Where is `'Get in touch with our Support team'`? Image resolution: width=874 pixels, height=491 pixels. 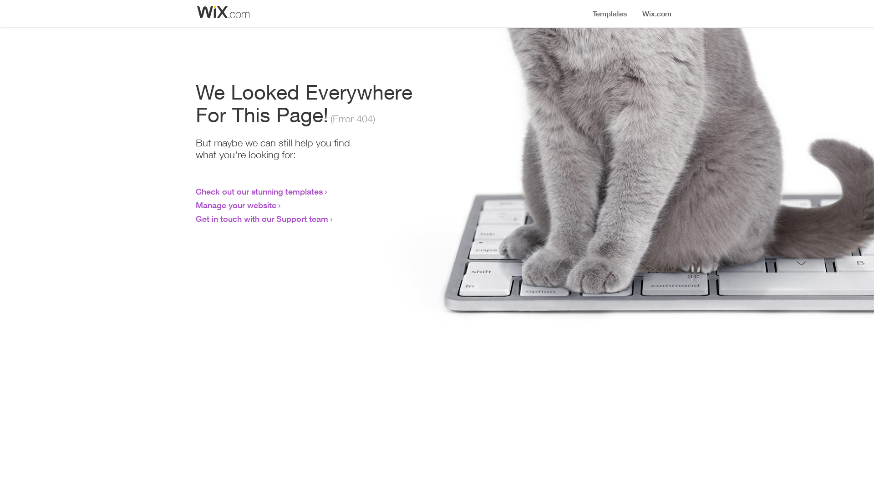
'Get in touch with our Support team' is located at coordinates (195, 219).